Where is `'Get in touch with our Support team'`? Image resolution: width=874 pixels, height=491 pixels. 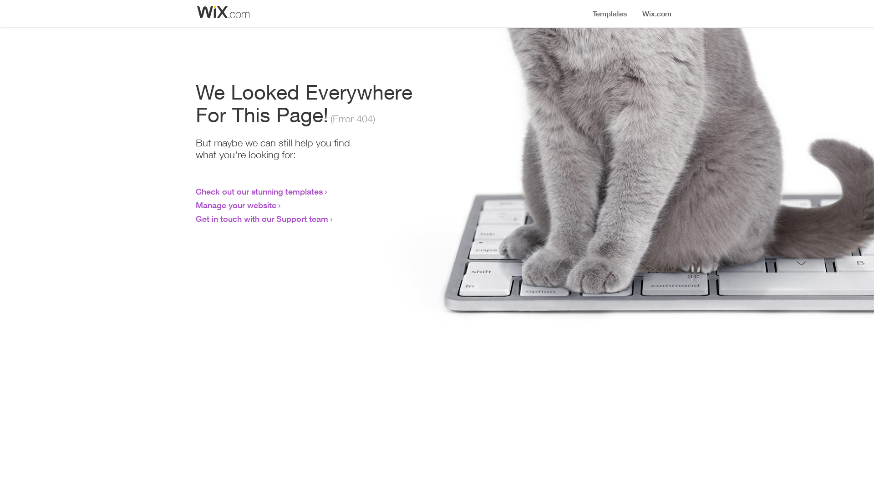
'Get in touch with our Support team' is located at coordinates (195, 219).